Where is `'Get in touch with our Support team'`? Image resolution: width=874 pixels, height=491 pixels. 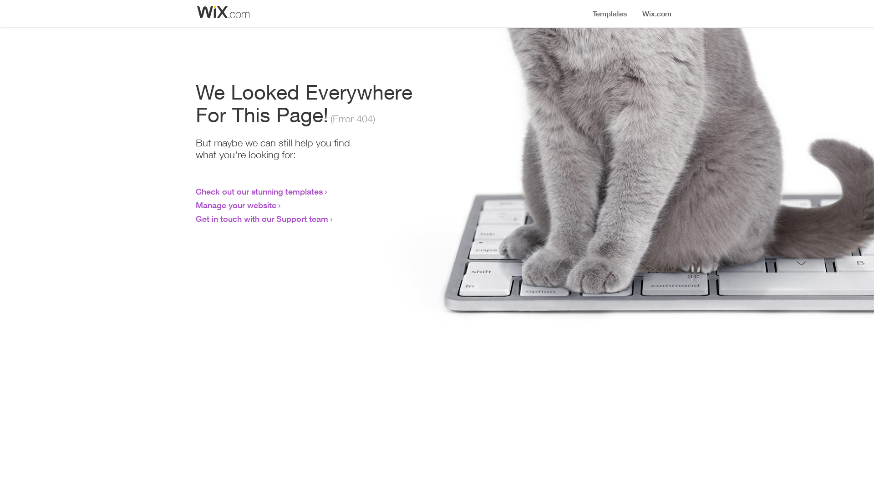
'Get in touch with our Support team' is located at coordinates (195, 219).